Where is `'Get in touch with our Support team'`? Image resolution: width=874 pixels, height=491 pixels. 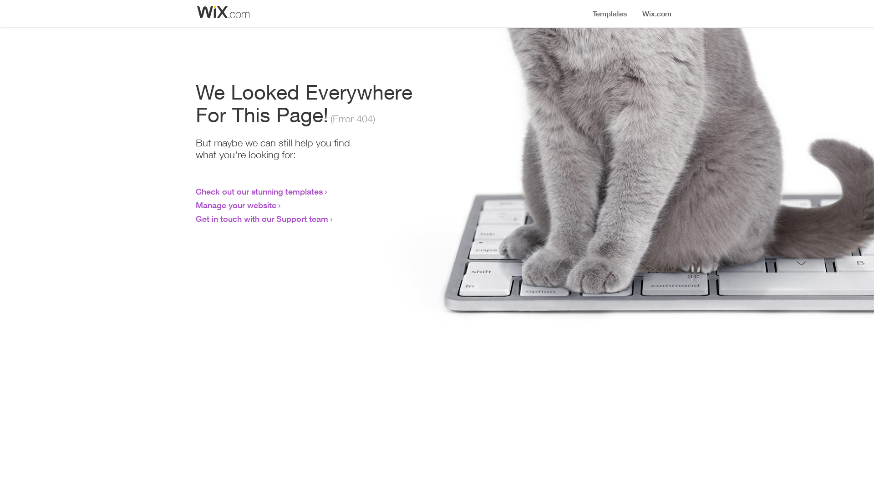
'Get in touch with our Support team' is located at coordinates (195, 219).